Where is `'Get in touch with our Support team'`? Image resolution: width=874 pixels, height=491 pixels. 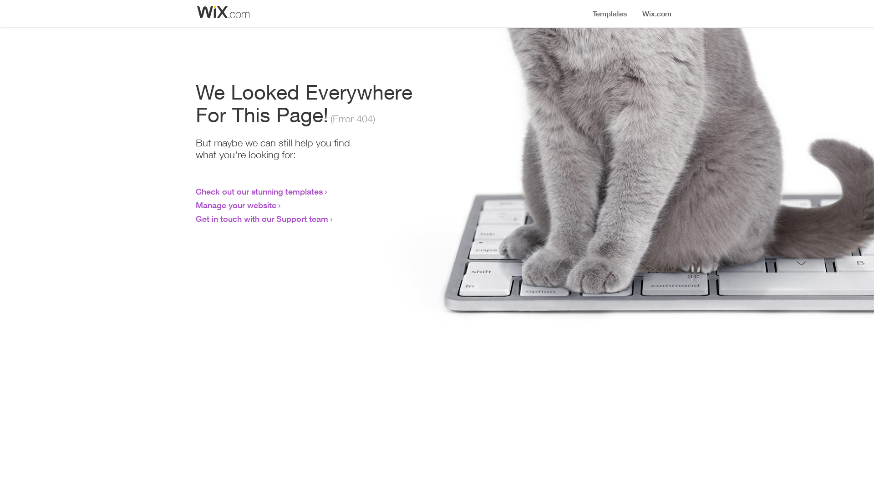
'Get in touch with our Support team' is located at coordinates (195, 219).